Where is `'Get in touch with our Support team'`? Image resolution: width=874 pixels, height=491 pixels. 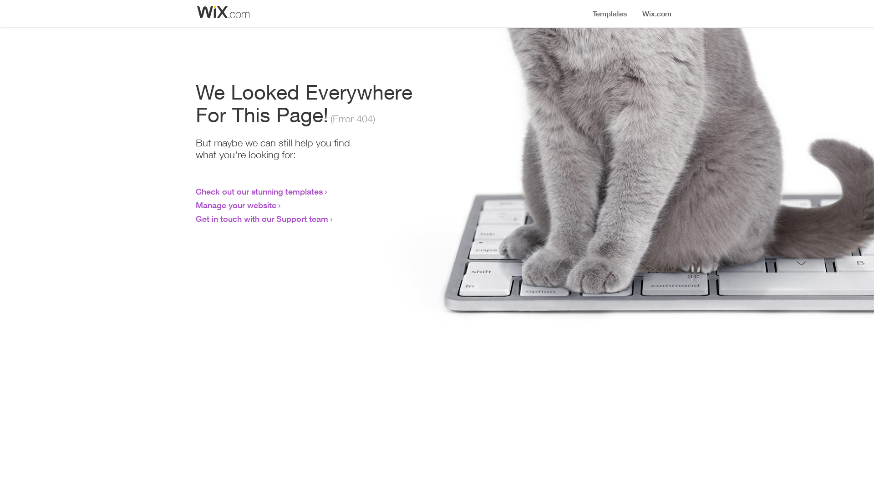
'Get in touch with our Support team' is located at coordinates (195, 219).